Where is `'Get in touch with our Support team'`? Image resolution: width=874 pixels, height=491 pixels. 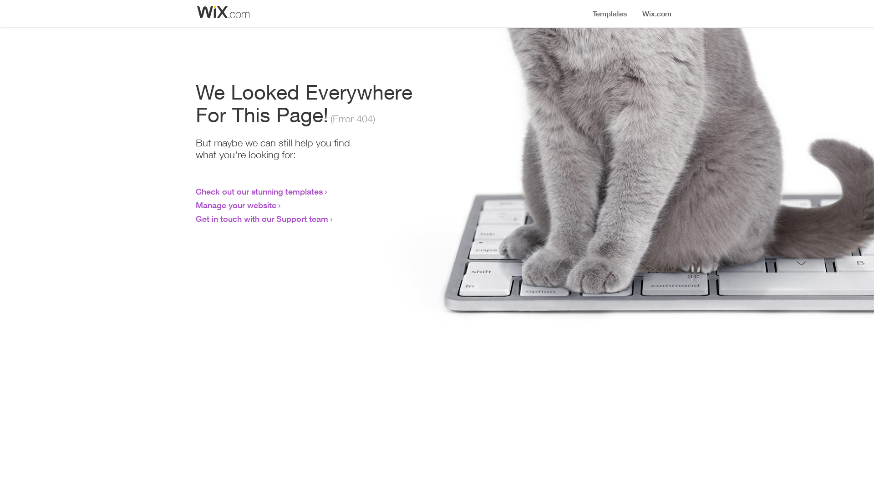
'Get in touch with our Support team' is located at coordinates (195, 219).